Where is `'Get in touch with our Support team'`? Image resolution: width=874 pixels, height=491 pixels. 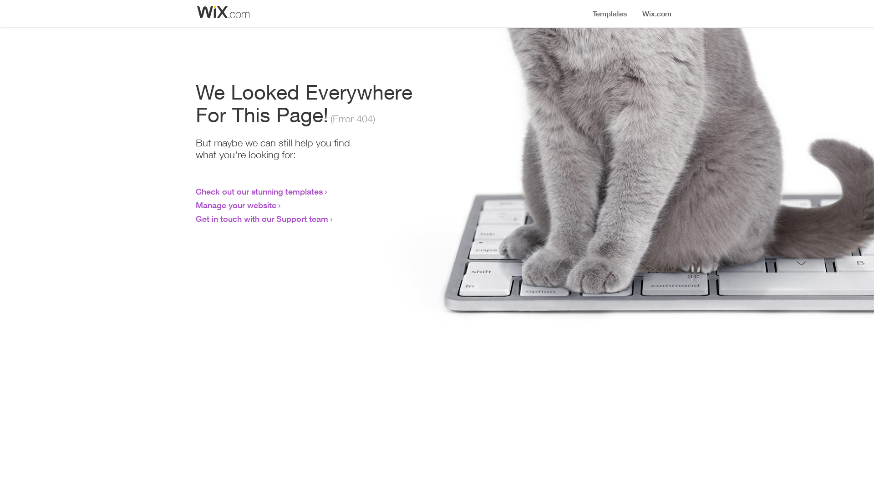
'Get in touch with our Support team' is located at coordinates (195, 219).